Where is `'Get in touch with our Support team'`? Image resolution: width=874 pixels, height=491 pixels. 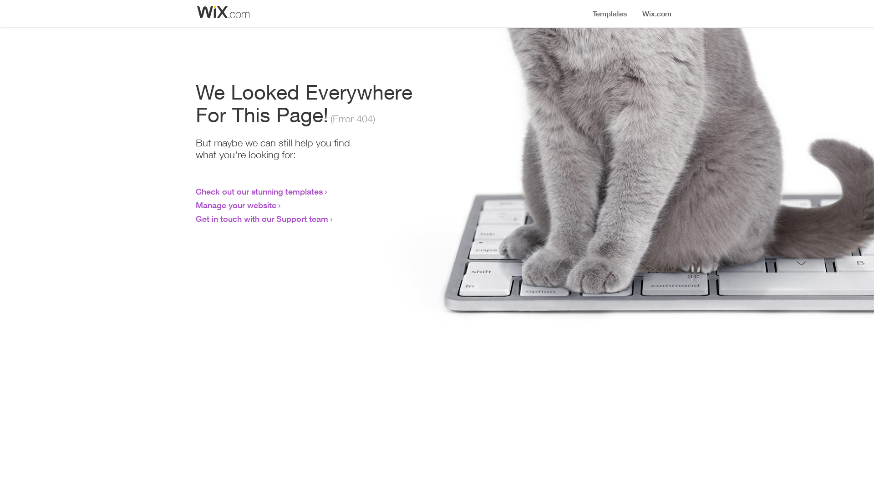
'Get in touch with our Support team' is located at coordinates (195, 219).